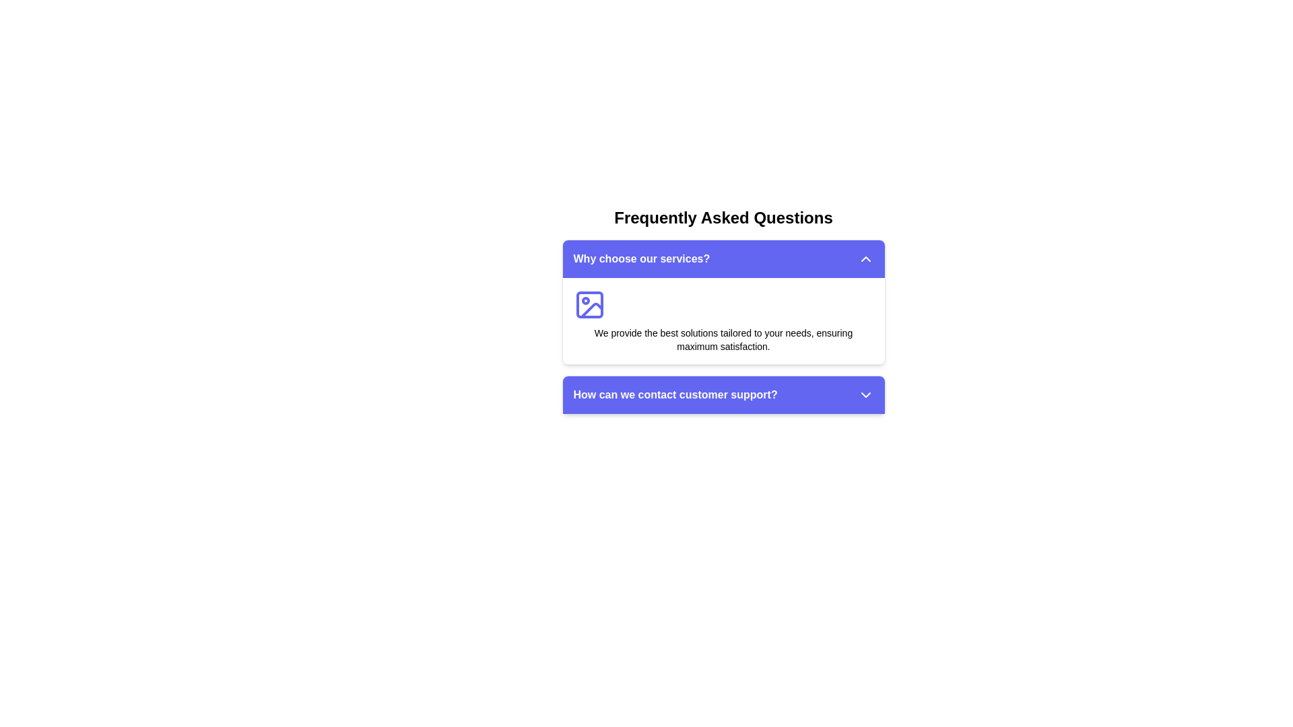 Image resolution: width=1293 pixels, height=727 pixels. What do you see at coordinates (589, 304) in the screenshot?
I see `the vibrant indigo icon representing an image, located in the FAQ section under the 'Why choose our services?' collapsible header` at bounding box center [589, 304].